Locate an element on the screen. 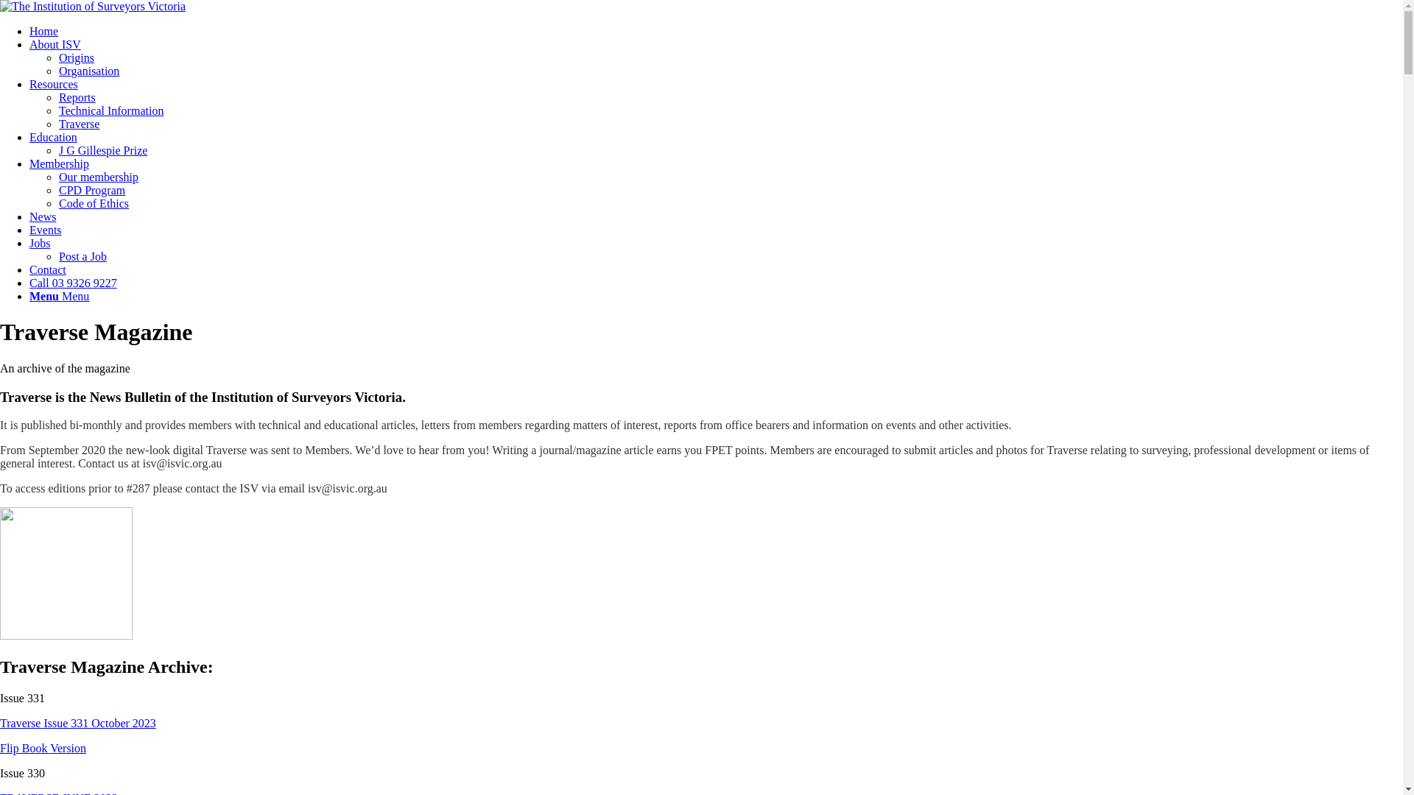 Image resolution: width=1414 pixels, height=795 pixels. 'News' is located at coordinates (29, 216).